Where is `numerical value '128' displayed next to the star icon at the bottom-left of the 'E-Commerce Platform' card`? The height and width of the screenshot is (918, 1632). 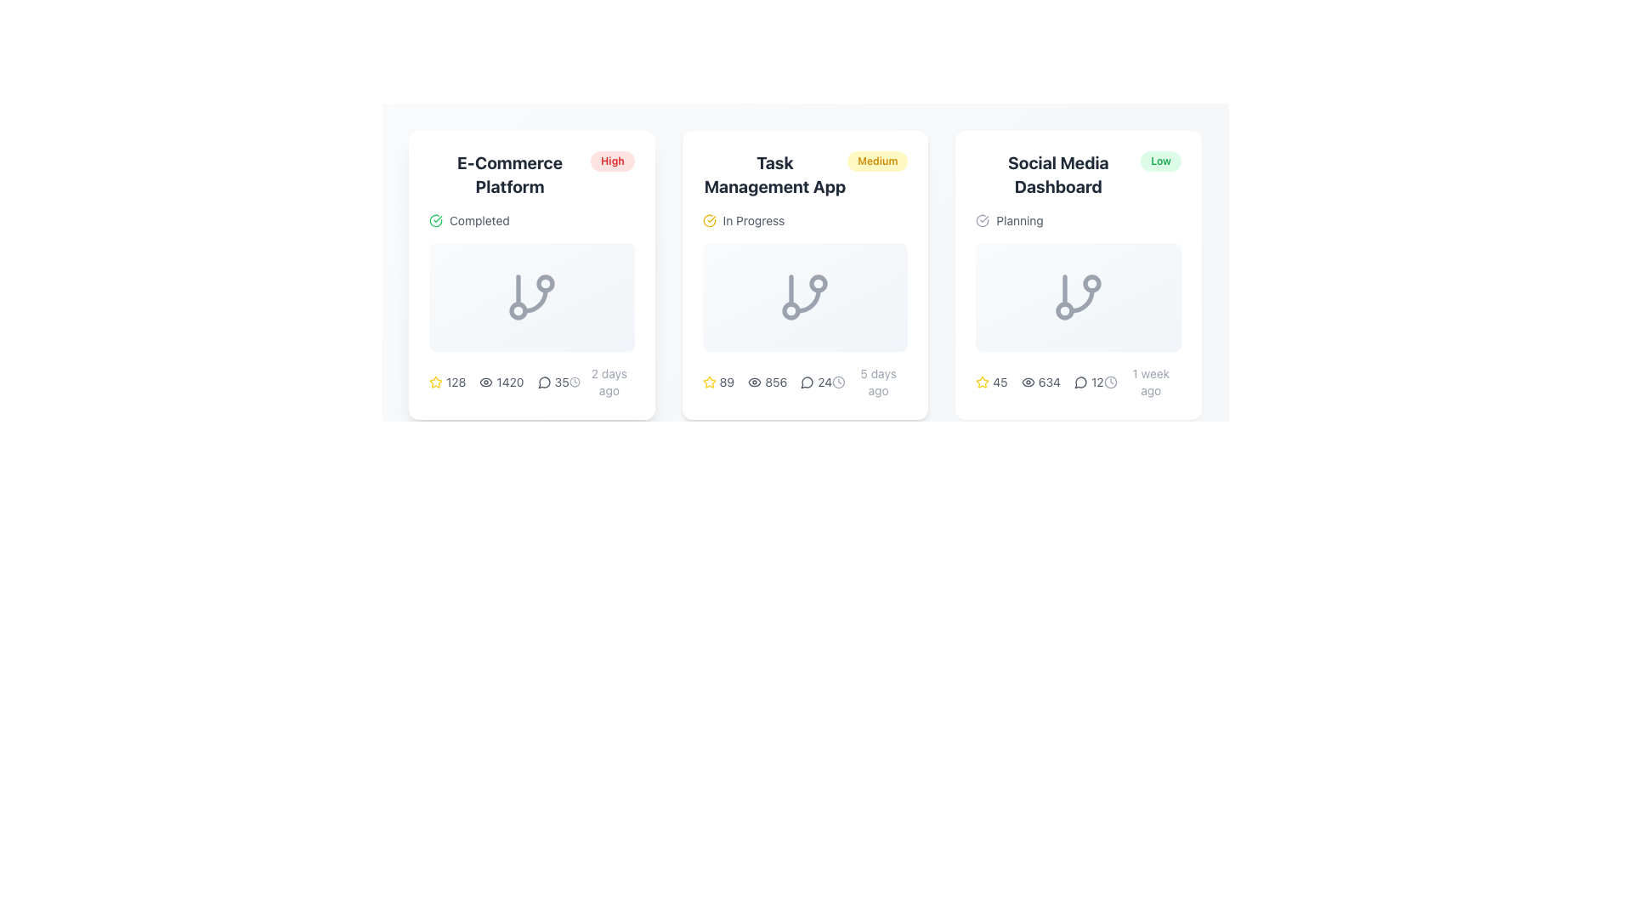
numerical value '128' displayed next to the star icon at the bottom-left of the 'E-Commerce Platform' card is located at coordinates (447, 382).